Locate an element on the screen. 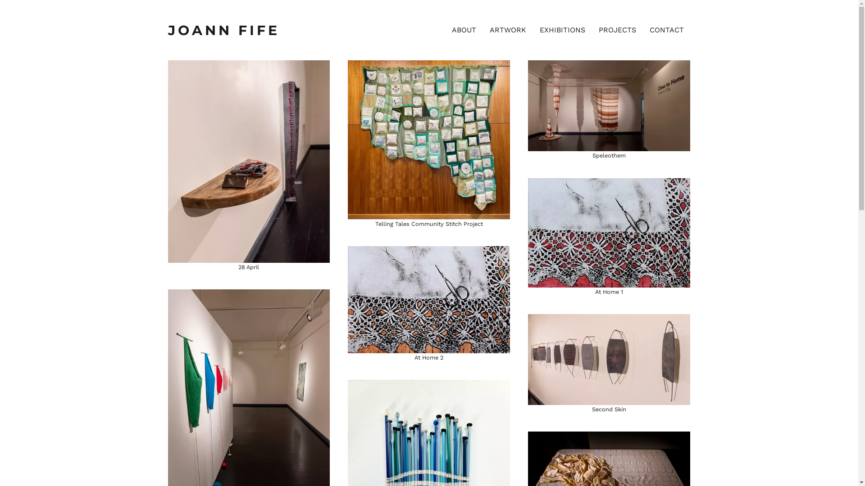 The image size is (865, 486). 'CONTACT' is located at coordinates (666, 29).